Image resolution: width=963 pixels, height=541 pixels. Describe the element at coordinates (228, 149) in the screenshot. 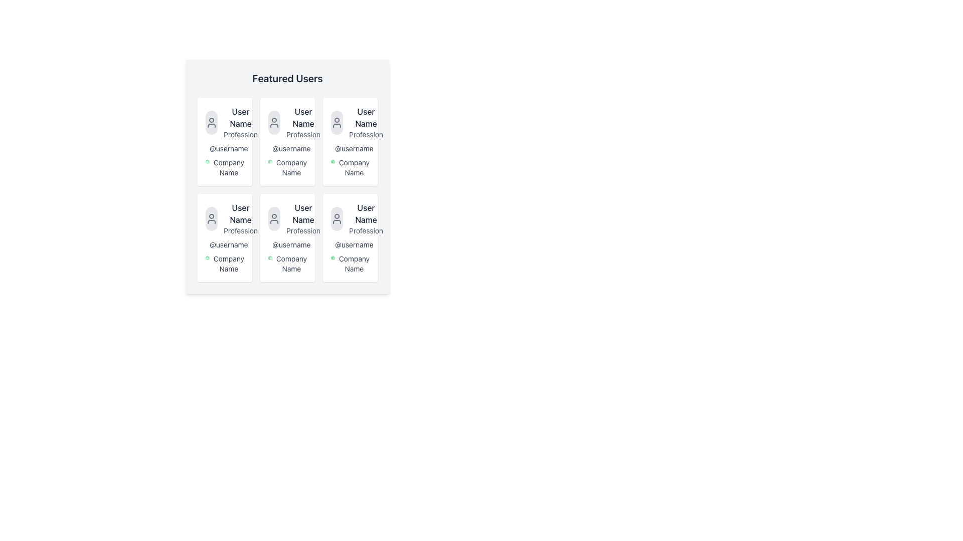

I see `the Static Text element displaying '@username' in blue, located in the top-left card of a six-card grid, beneath 'Profession' and above 'Company Name'` at that location.